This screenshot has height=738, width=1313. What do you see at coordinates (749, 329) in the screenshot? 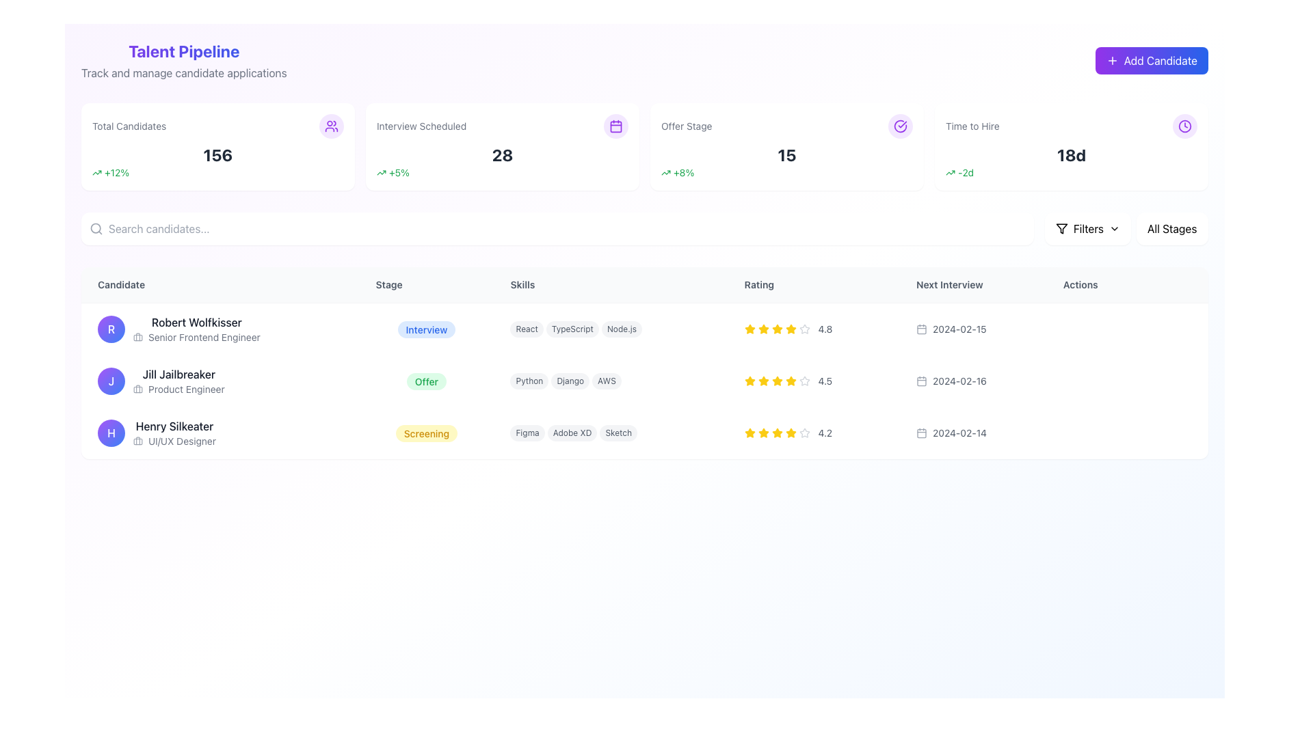
I see `the first star icon in the rating component for the candidate 'Robert Wolfkisser', which is visually styled in bright yellow and represents a rating of '4.8'` at bounding box center [749, 329].